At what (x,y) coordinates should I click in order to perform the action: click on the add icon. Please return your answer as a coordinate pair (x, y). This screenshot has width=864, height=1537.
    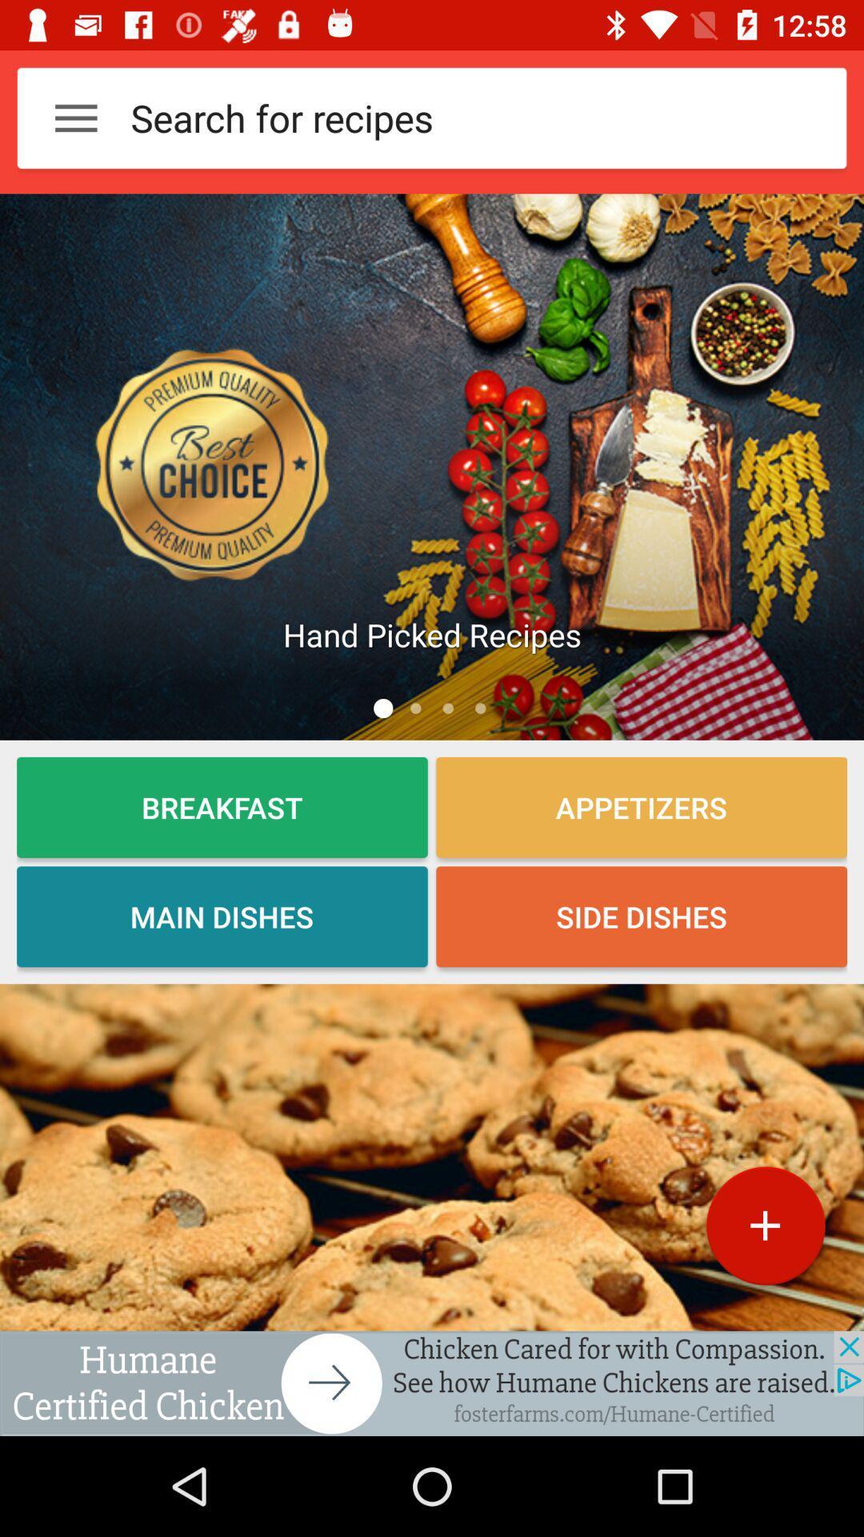
    Looking at the image, I should click on (764, 1231).